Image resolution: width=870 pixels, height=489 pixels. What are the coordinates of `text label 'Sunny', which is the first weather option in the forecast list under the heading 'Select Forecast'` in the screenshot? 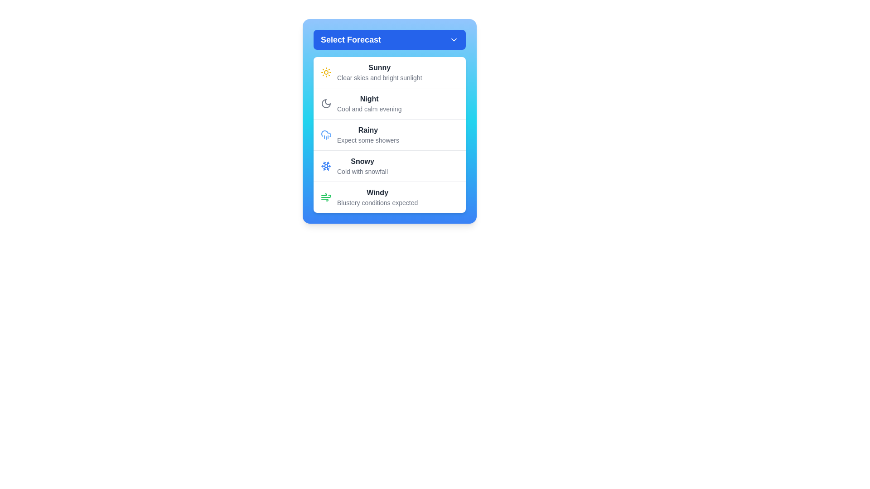 It's located at (379, 67).